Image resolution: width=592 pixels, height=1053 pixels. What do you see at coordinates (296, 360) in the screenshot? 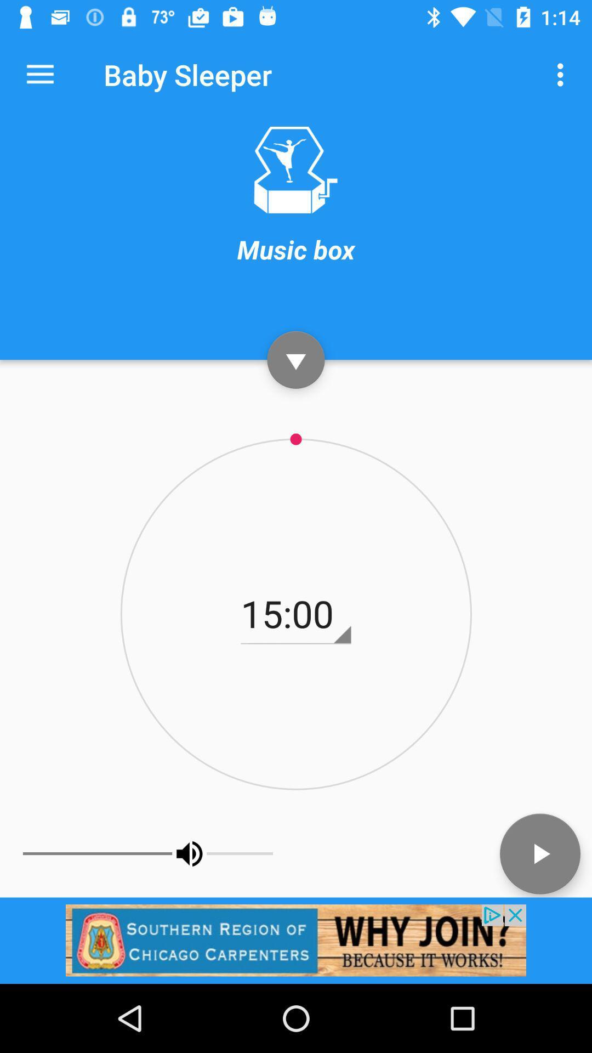
I see `the expand_more icon` at bounding box center [296, 360].